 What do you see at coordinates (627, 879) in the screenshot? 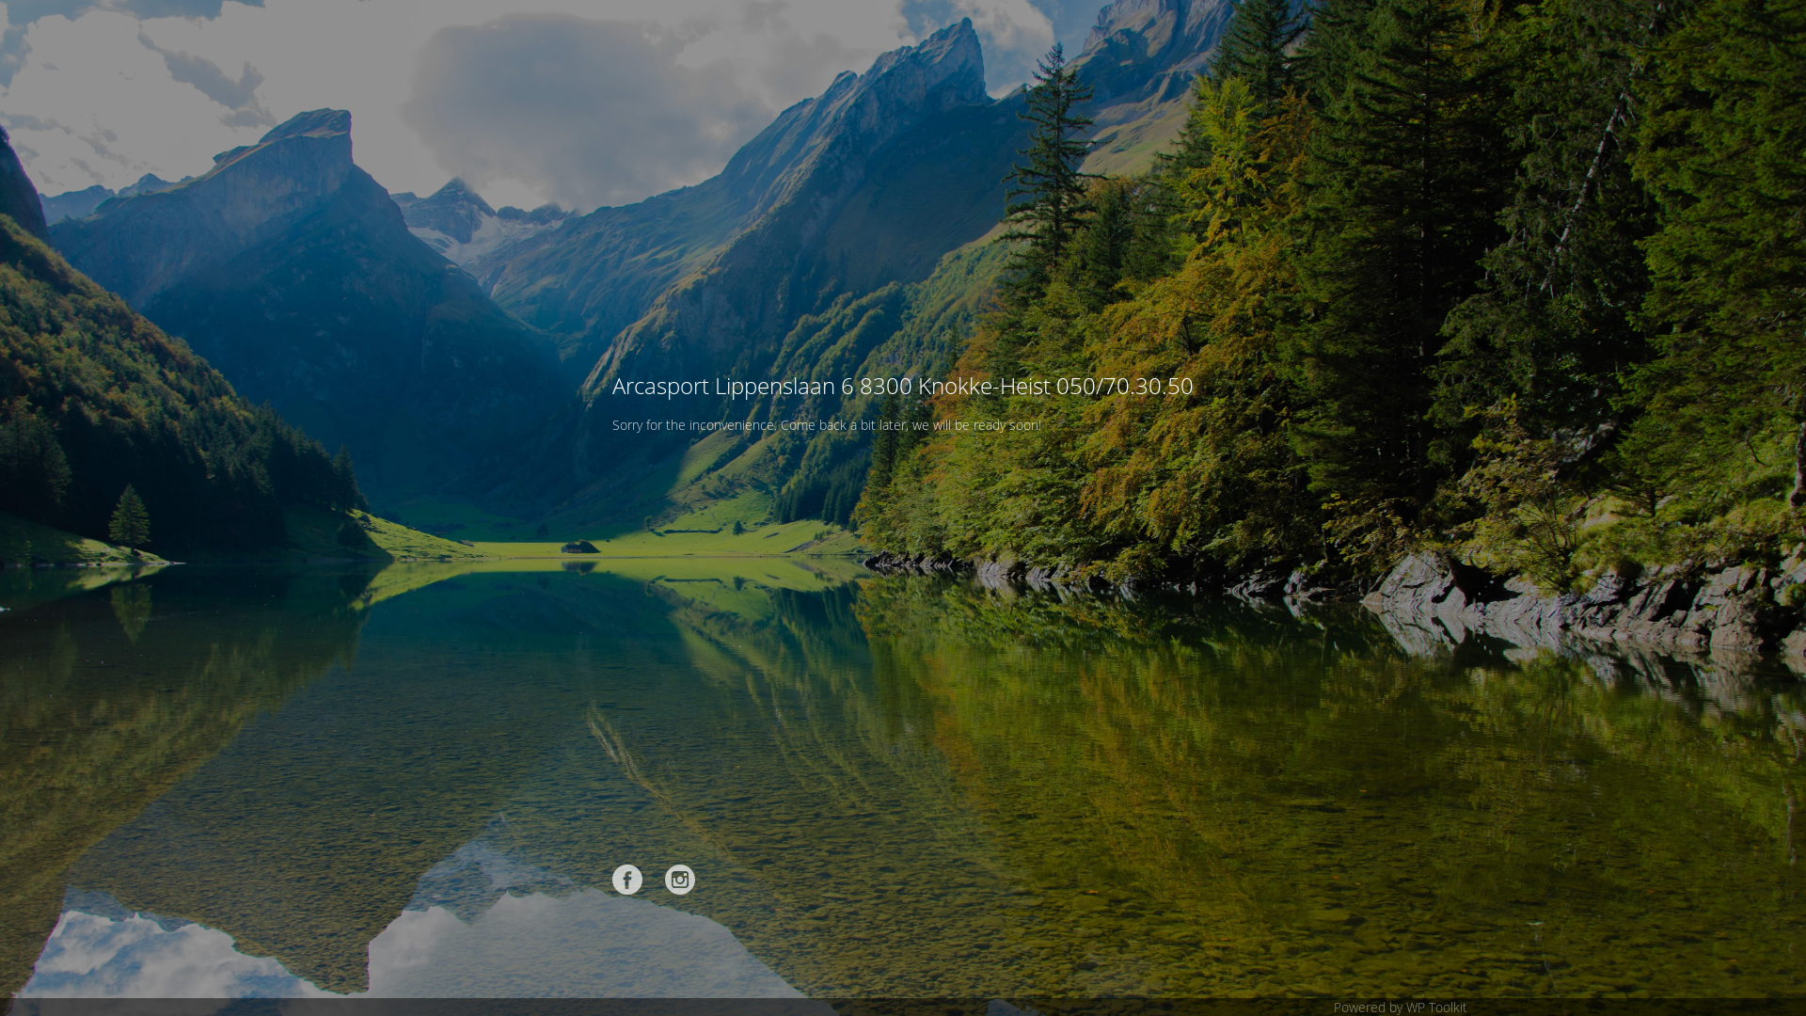
I see `'Facebook'` at bounding box center [627, 879].